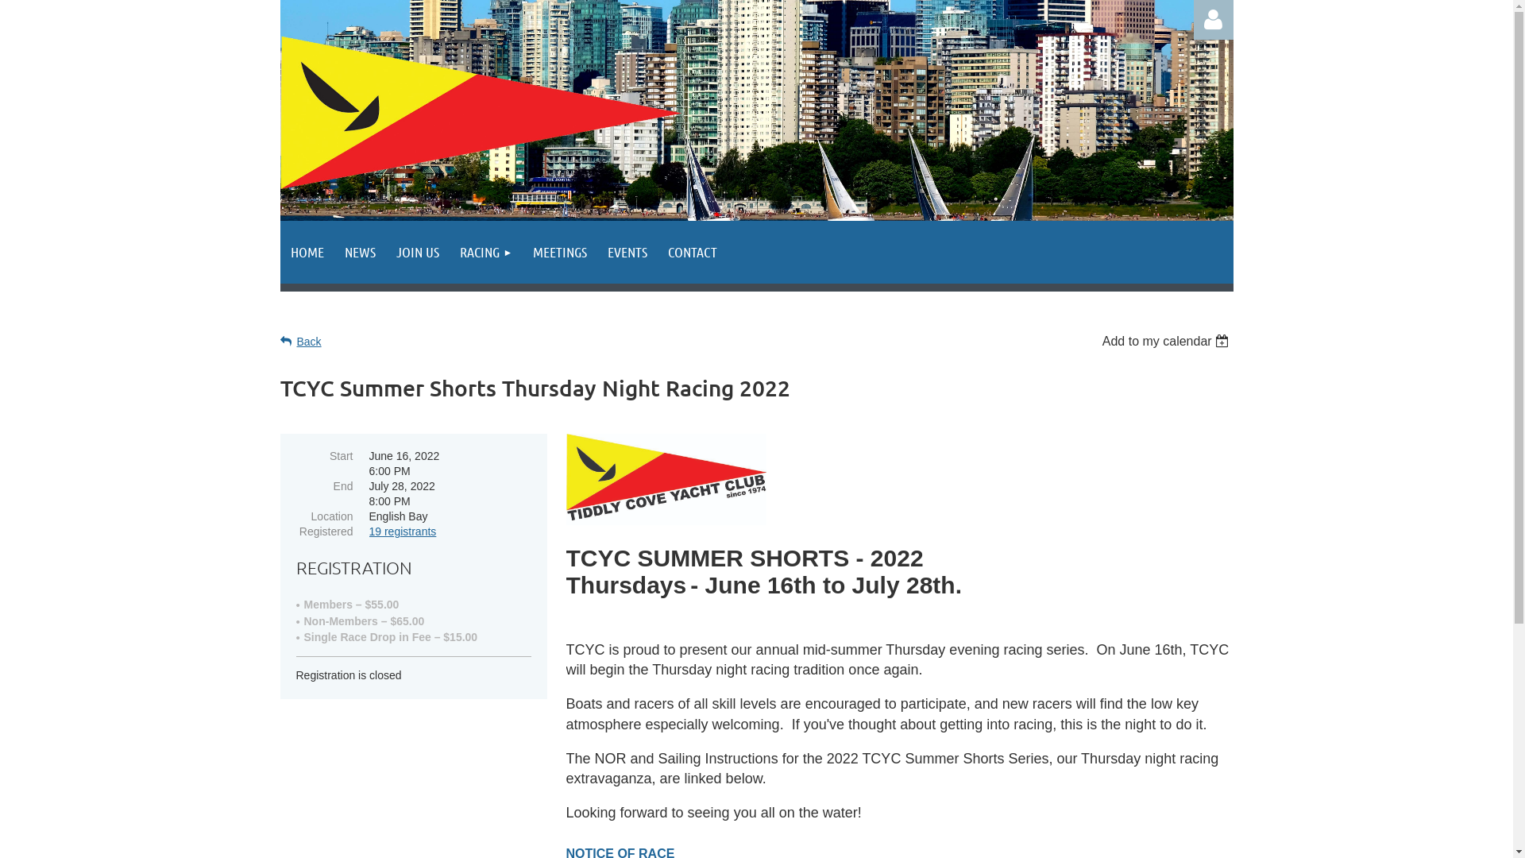  What do you see at coordinates (627, 251) in the screenshot?
I see `'EVENTS'` at bounding box center [627, 251].